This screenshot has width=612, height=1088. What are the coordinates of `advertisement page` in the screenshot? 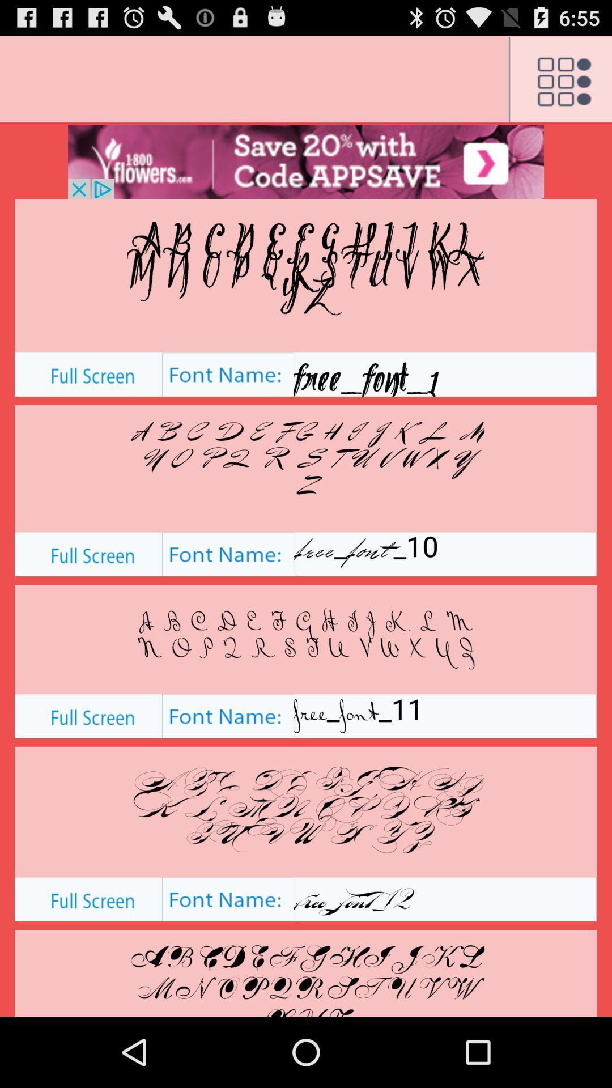 It's located at (306, 161).